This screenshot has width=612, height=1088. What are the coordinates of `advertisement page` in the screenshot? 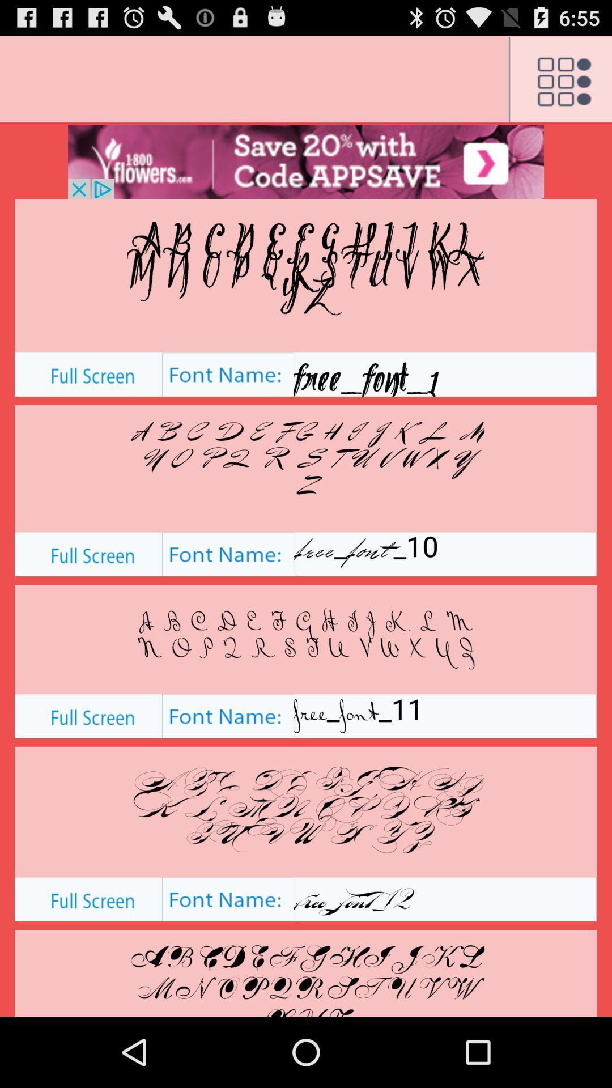 It's located at (306, 161).